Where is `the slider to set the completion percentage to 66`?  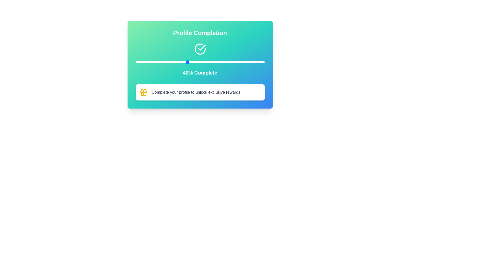 the slider to set the completion percentage to 66 is located at coordinates (221, 62).